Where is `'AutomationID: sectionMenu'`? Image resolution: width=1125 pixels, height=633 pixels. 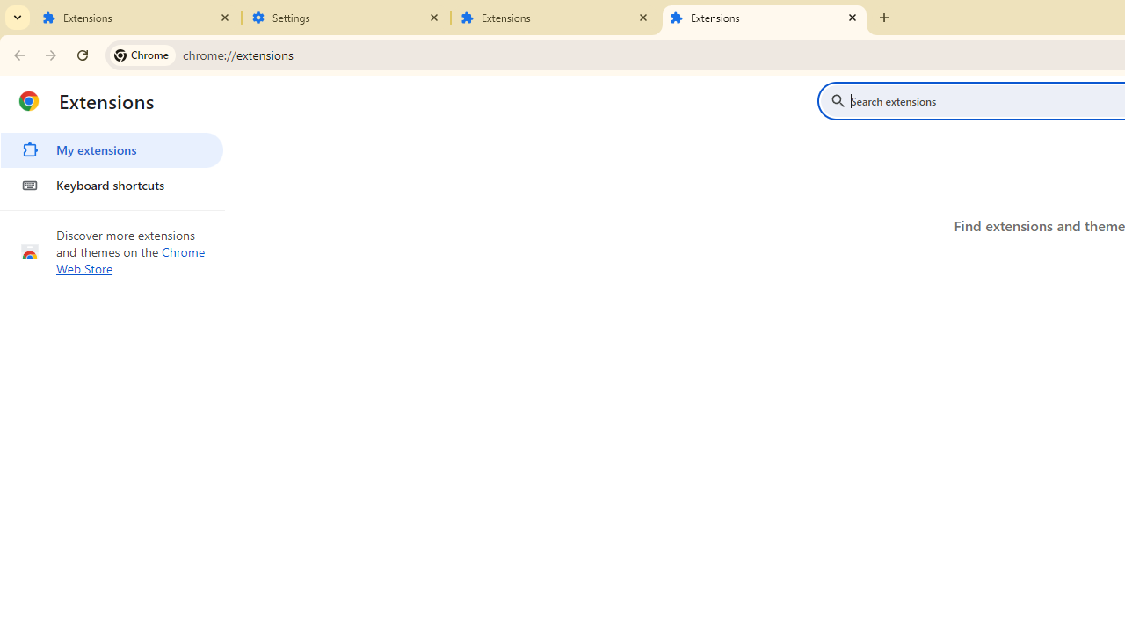 'AutomationID: sectionMenu' is located at coordinates (112, 164).